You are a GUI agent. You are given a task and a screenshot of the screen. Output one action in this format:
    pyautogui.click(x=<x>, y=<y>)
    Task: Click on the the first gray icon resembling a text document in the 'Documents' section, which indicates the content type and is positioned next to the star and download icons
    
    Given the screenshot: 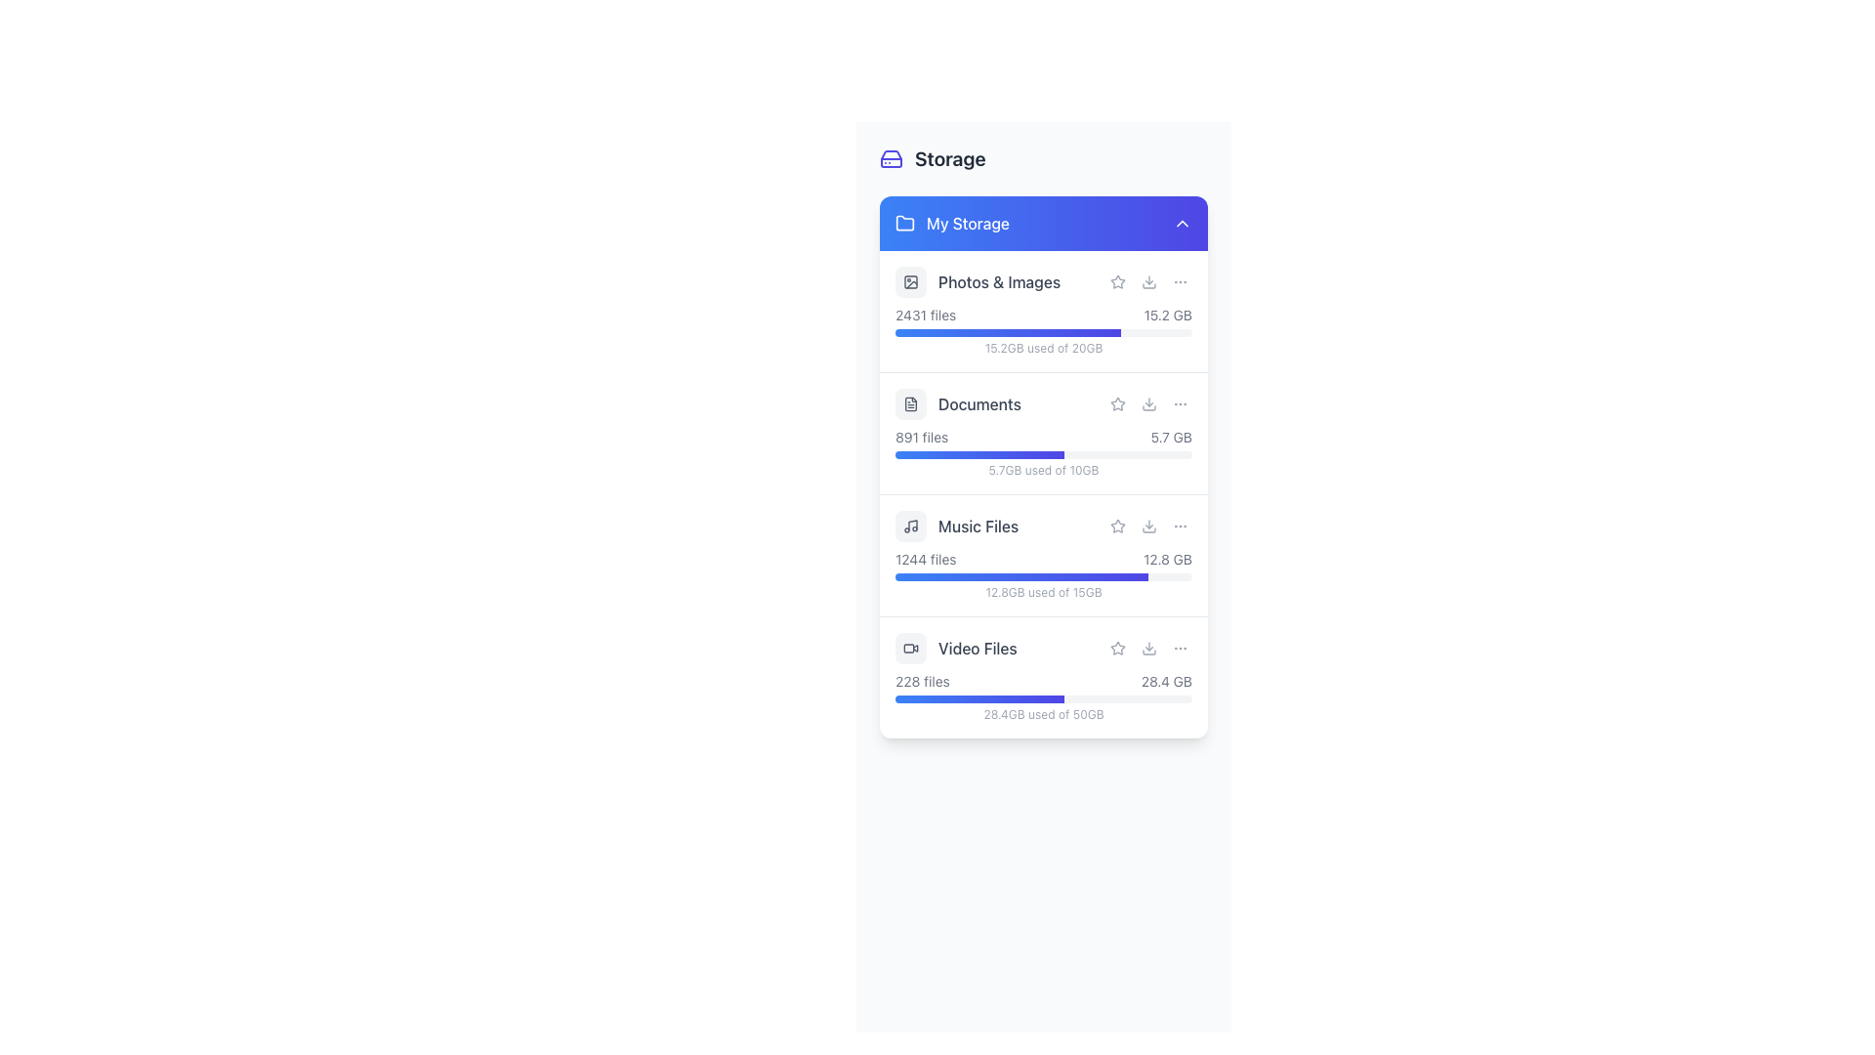 What is the action you would take?
    pyautogui.click(x=909, y=402)
    